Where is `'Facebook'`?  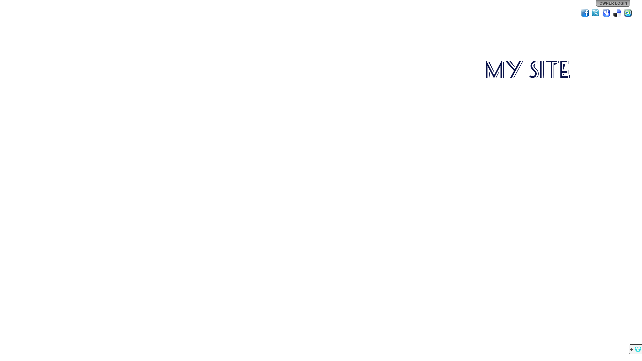 'Facebook' is located at coordinates (585, 13).